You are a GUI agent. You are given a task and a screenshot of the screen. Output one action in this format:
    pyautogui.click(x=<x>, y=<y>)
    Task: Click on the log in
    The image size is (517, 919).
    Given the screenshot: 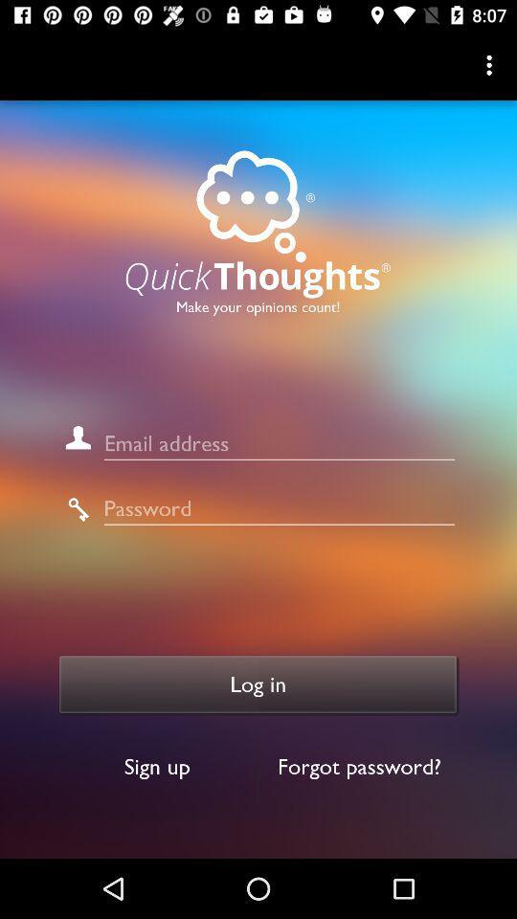 What is the action you would take?
    pyautogui.click(x=258, y=684)
    